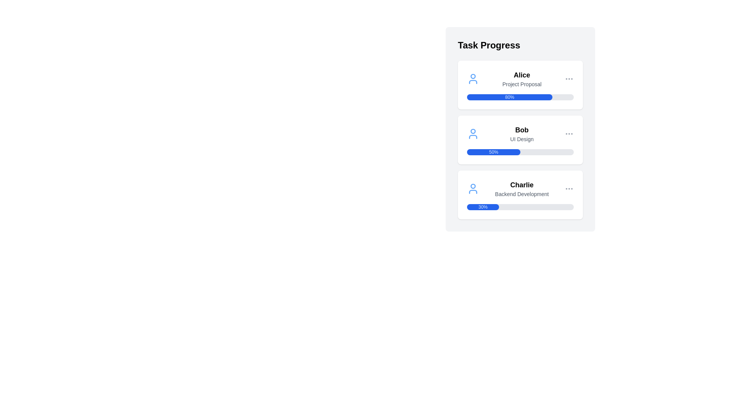  What do you see at coordinates (520, 140) in the screenshot?
I see `the second box in the grouped component that contains the title 'Bob', which visually represents task progress` at bounding box center [520, 140].